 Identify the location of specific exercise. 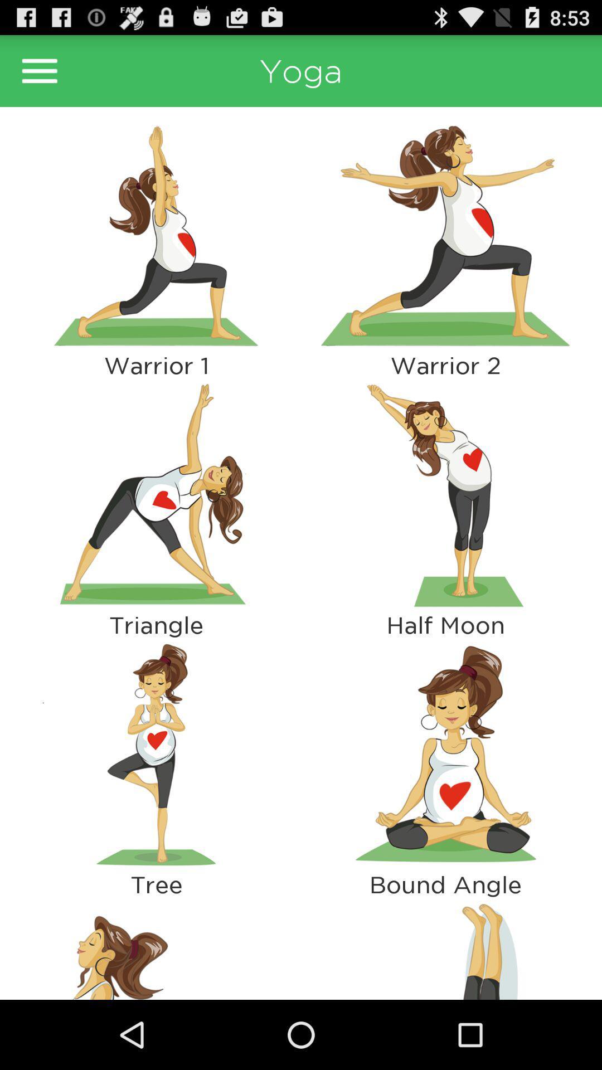
(445, 235).